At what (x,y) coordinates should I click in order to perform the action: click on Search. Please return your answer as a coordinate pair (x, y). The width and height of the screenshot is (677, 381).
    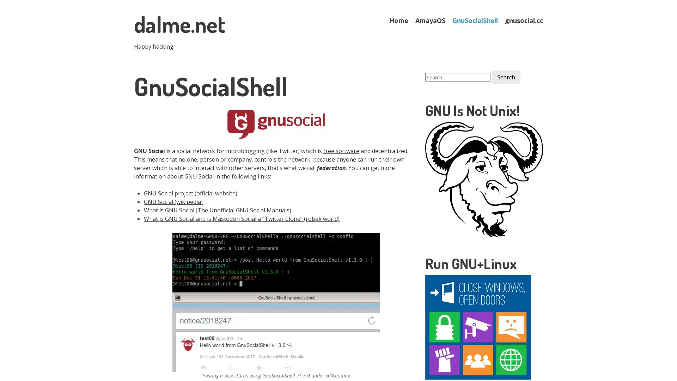
    Looking at the image, I should click on (506, 77).